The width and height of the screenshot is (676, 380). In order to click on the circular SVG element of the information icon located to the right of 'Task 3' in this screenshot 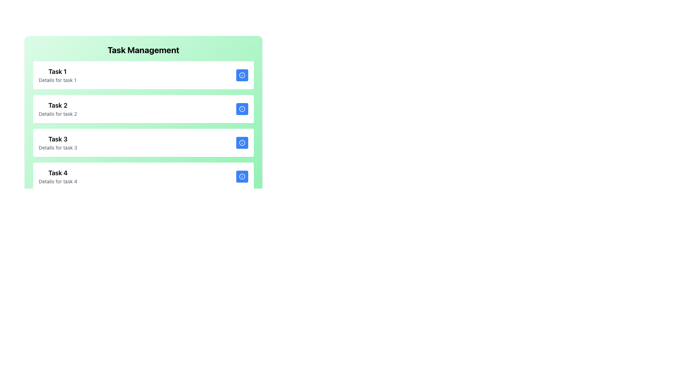, I will do `click(242, 142)`.